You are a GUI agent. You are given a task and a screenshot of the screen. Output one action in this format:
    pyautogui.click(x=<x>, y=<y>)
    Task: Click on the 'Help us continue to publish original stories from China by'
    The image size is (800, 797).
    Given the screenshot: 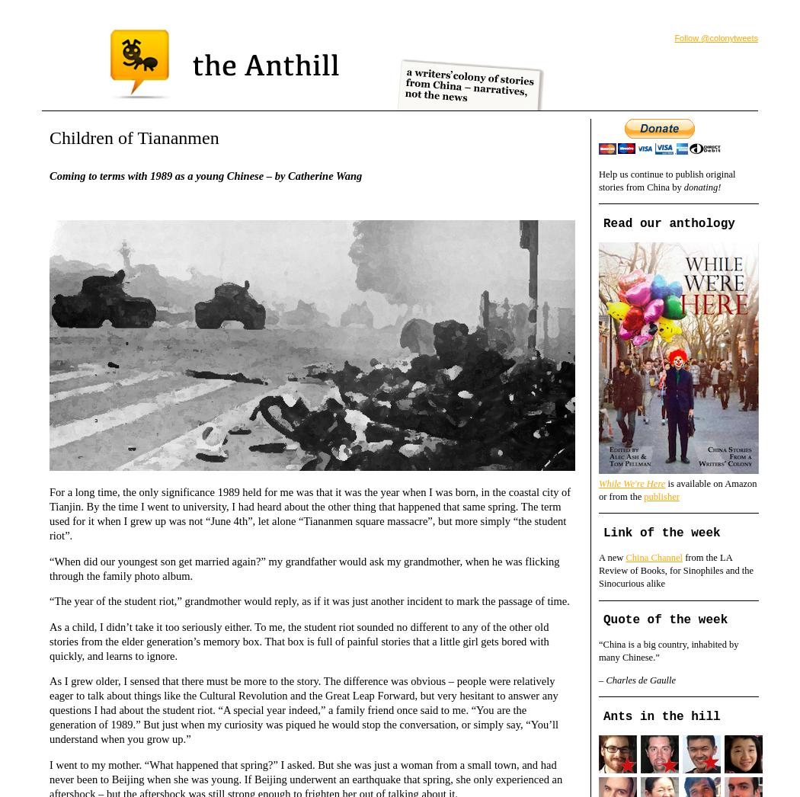 What is the action you would take?
    pyautogui.click(x=666, y=179)
    